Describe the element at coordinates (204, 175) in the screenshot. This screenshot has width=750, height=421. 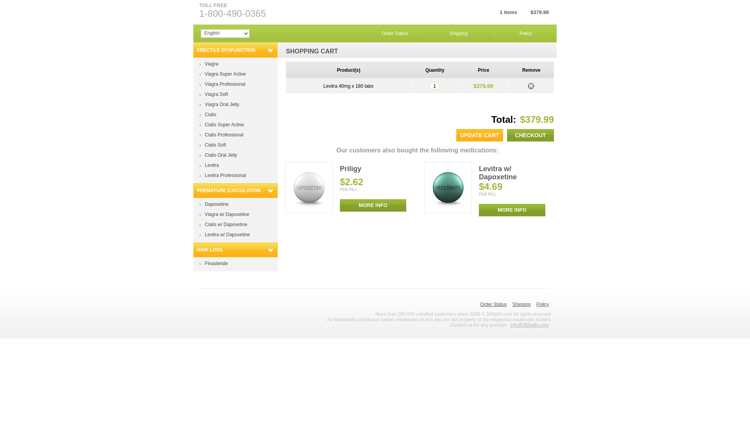
I see `'Levitra Professional'` at that location.